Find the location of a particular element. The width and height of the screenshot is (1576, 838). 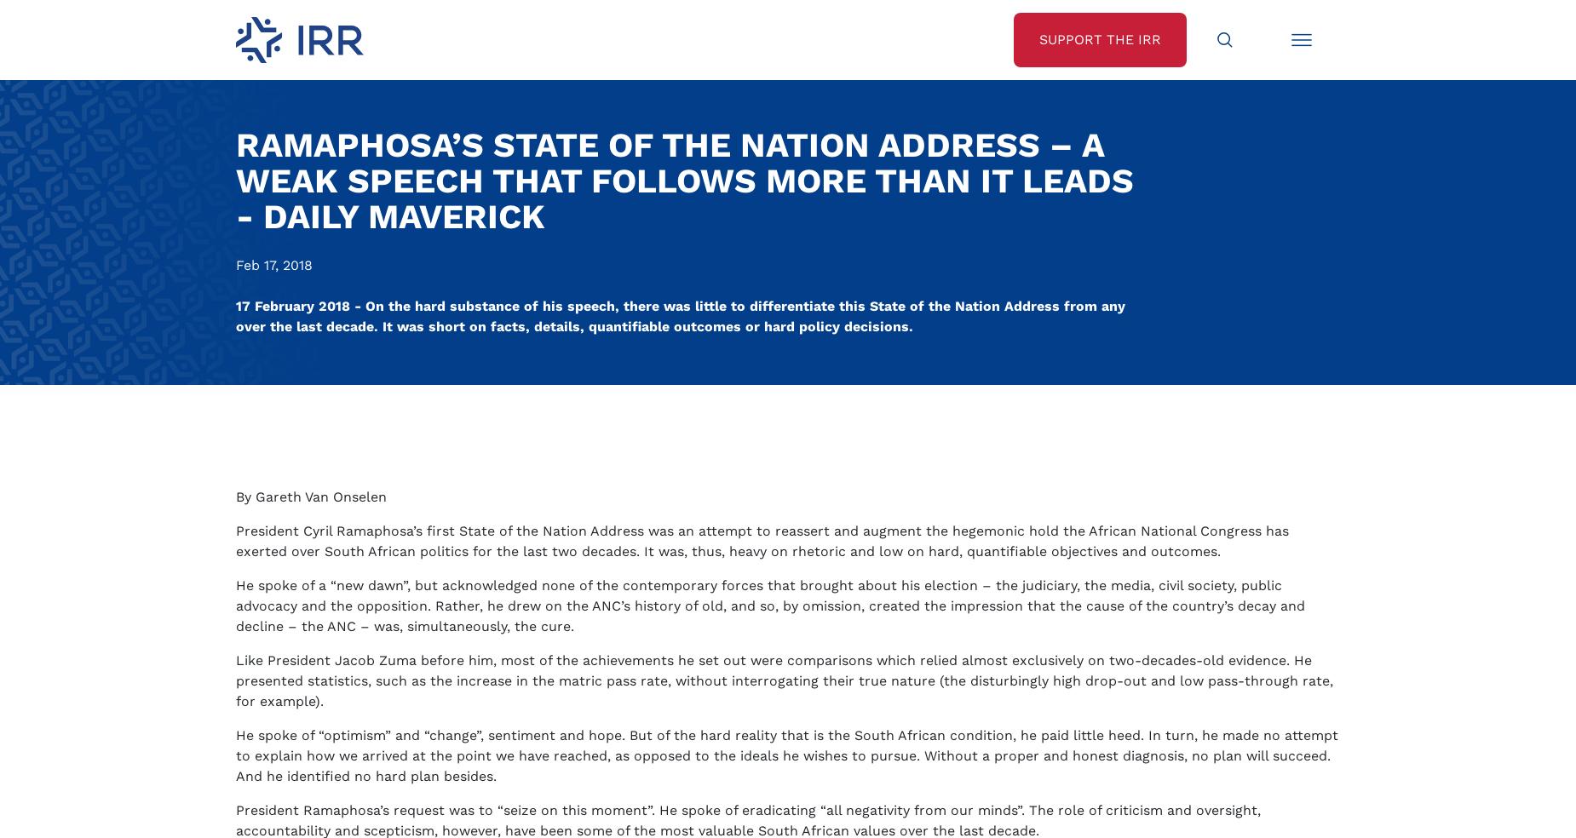

'President Ramaphosa’s request was to “seize on this moment”. He spoke of eradicating “all negativity from our minds”. The role of criticism and oversight, accountability and scepticism, however, have been some of the most valuable South African values over the last decade.' is located at coordinates (748, 22).